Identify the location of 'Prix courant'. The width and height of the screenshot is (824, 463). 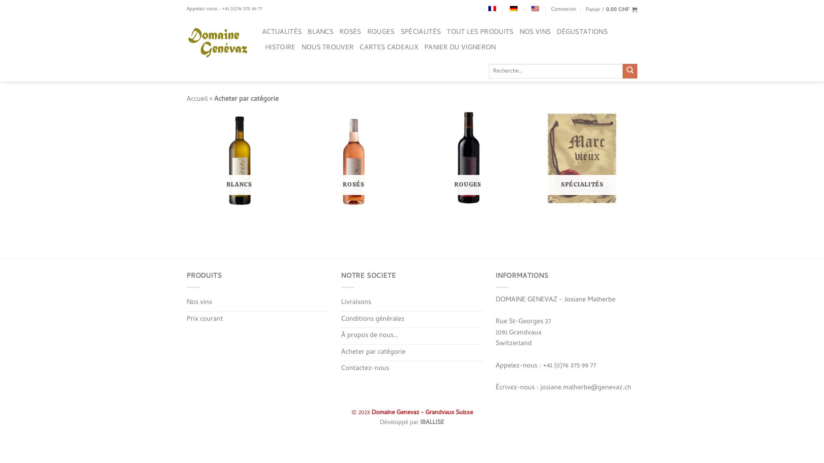
(204, 319).